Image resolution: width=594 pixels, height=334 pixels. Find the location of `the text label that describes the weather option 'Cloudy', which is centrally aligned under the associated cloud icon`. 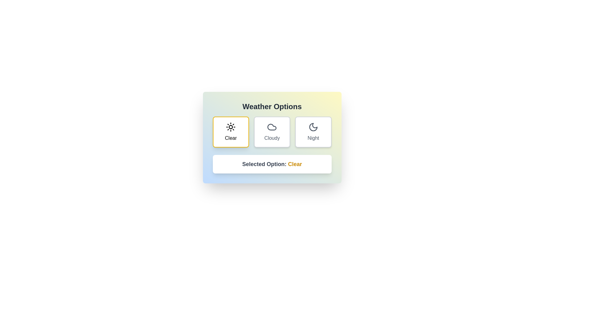

the text label that describes the weather option 'Cloudy', which is centrally aligned under the associated cloud icon is located at coordinates (272, 138).